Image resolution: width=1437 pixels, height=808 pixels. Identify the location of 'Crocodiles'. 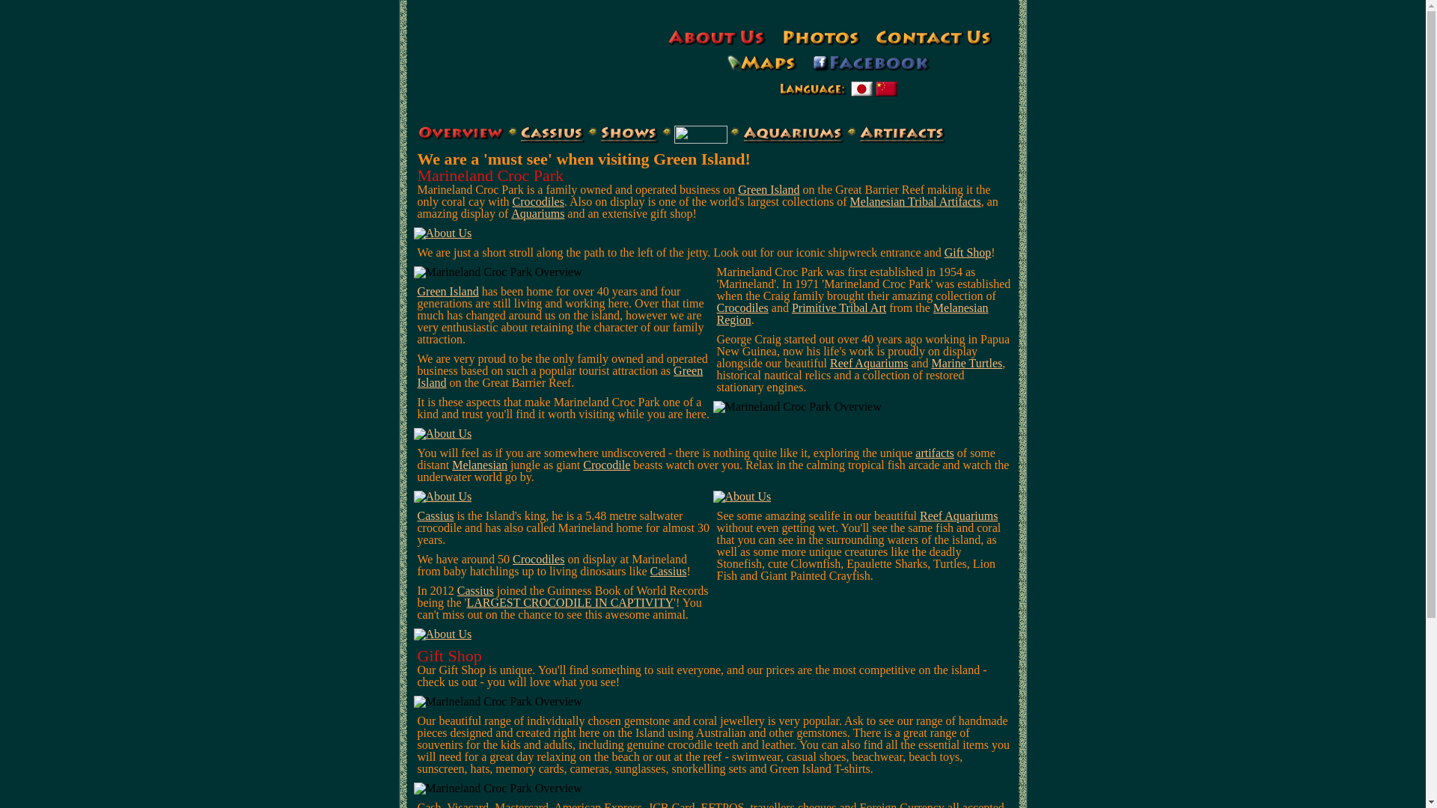
(538, 201).